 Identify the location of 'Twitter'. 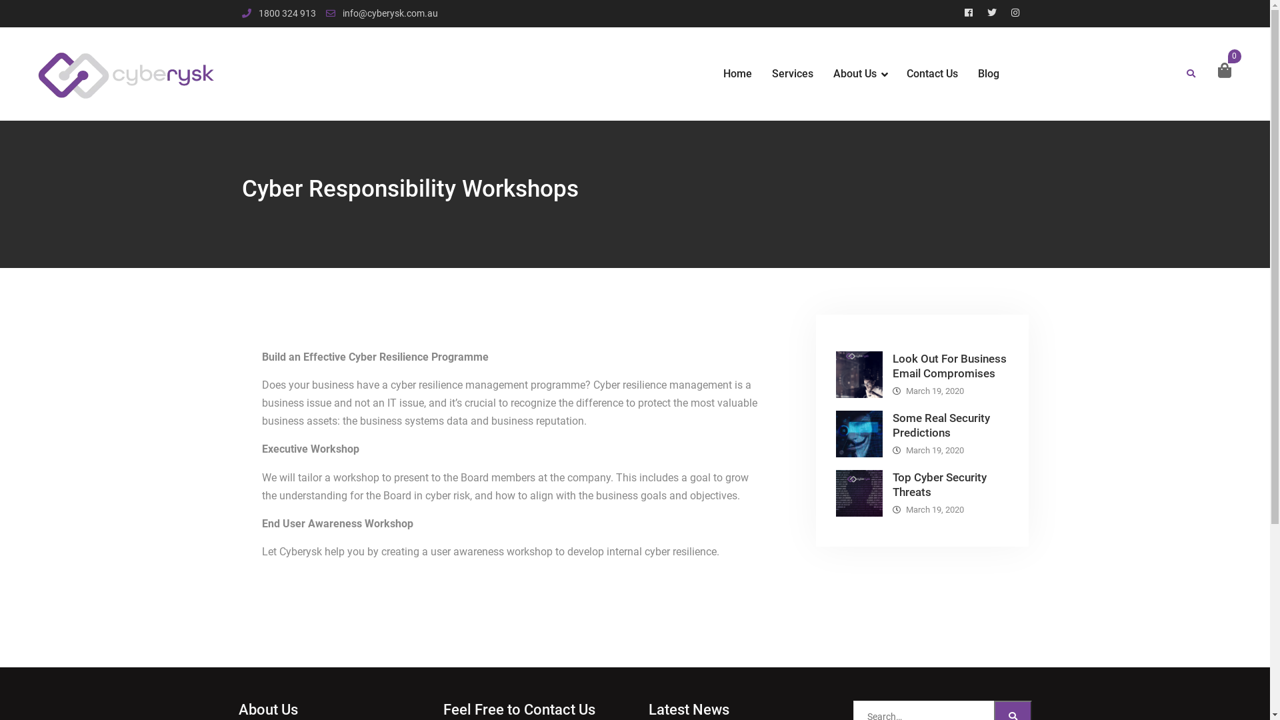
(991, 13).